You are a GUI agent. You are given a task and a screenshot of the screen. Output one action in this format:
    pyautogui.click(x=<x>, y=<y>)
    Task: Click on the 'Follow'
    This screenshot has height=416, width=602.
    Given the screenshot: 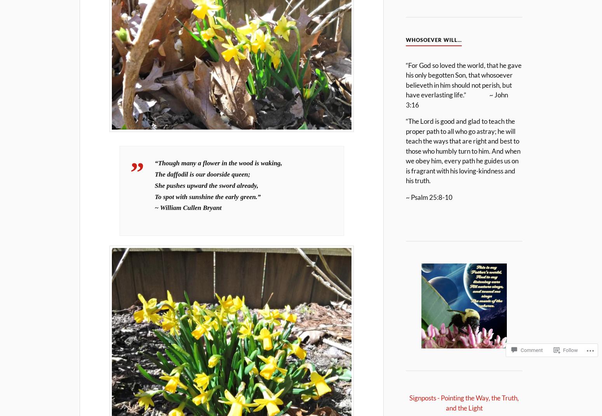 What is the action you would take?
    pyautogui.click(x=562, y=349)
    